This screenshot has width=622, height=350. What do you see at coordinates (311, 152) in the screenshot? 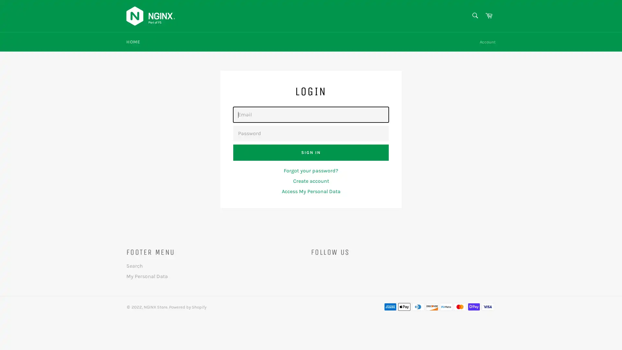
I see `Sign In` at bounding box center [311, 152].